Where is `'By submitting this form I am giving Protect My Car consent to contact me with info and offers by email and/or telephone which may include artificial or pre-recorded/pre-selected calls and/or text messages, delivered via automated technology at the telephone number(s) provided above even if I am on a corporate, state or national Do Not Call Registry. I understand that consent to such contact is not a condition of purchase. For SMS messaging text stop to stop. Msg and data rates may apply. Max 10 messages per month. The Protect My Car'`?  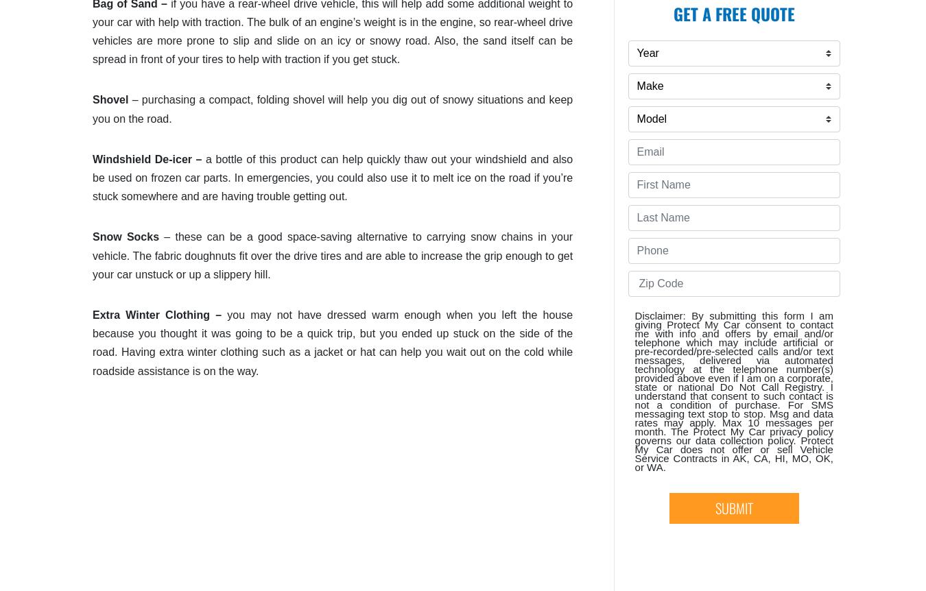 'By submitting this form I am giving Protect My Car consent to contact me with info and offers by email and/or telephone which may include artificial or pre-recorded/pre-selected calls and/or text messages, delivered via automated technology at the telephone number(s) provided above even if I am on a corporate, state or national Do Not Call Registry. I understand that consent to such contact is not a condition of purchase. For SMS messaging text stop to stop. Msg and data rates may apply. Max 10 messages per month. The Protect My Car' is located at coordinates (733, 373).